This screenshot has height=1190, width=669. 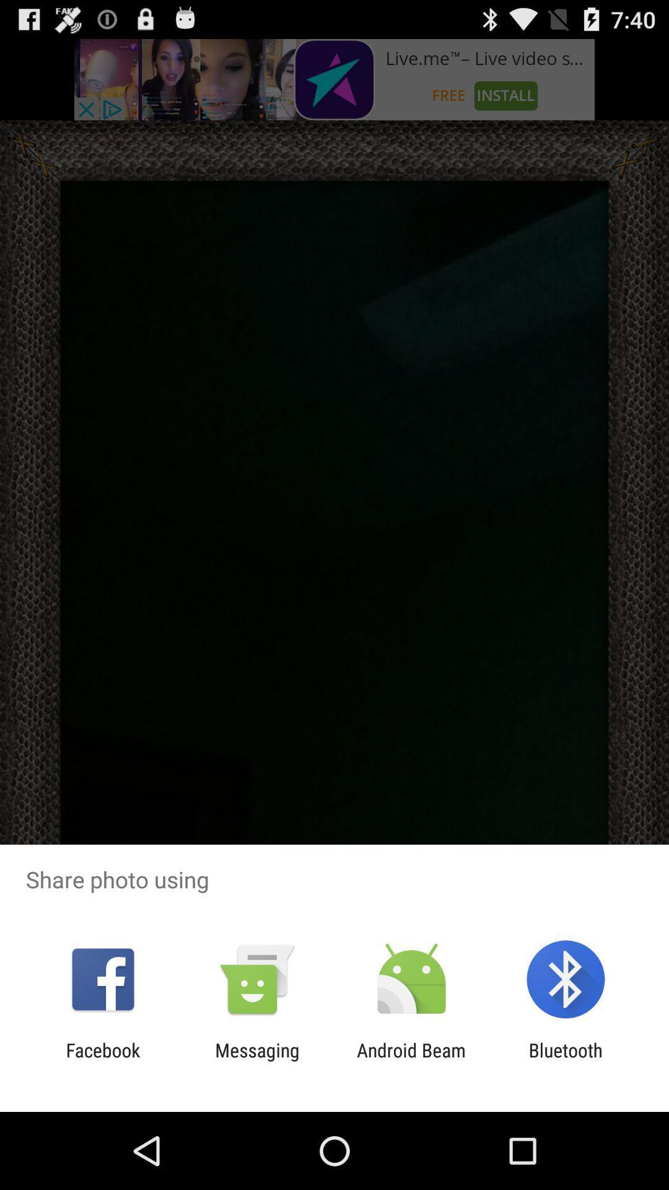 What do you see at coordinates (411, 1060) in the screenshot?
I see `android beam app` at bounding box center [411, 1060].